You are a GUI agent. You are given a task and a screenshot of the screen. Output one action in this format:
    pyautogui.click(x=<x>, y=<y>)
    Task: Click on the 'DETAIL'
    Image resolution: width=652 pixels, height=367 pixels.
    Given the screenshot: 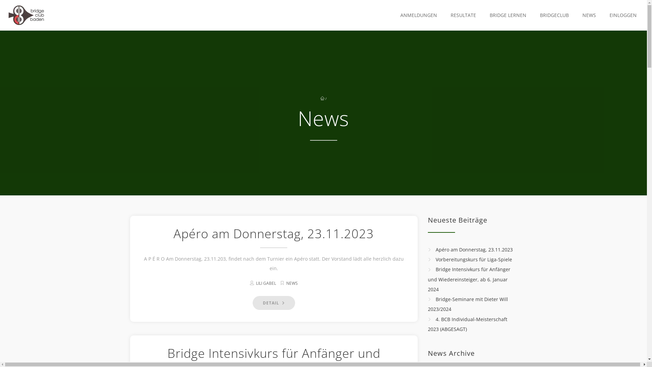 What is the action you would take?
    pyautogui.click(x=252, y=302)
    